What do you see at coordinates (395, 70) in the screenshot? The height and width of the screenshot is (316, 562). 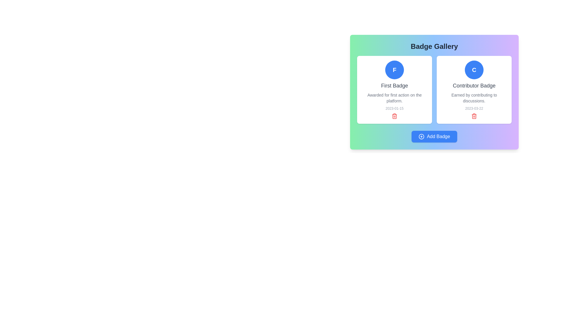 I see `the 'First Badge' located in the top-left area of the card titled 'First Badge' in the badge gallery` at bounding box center [395, 70].